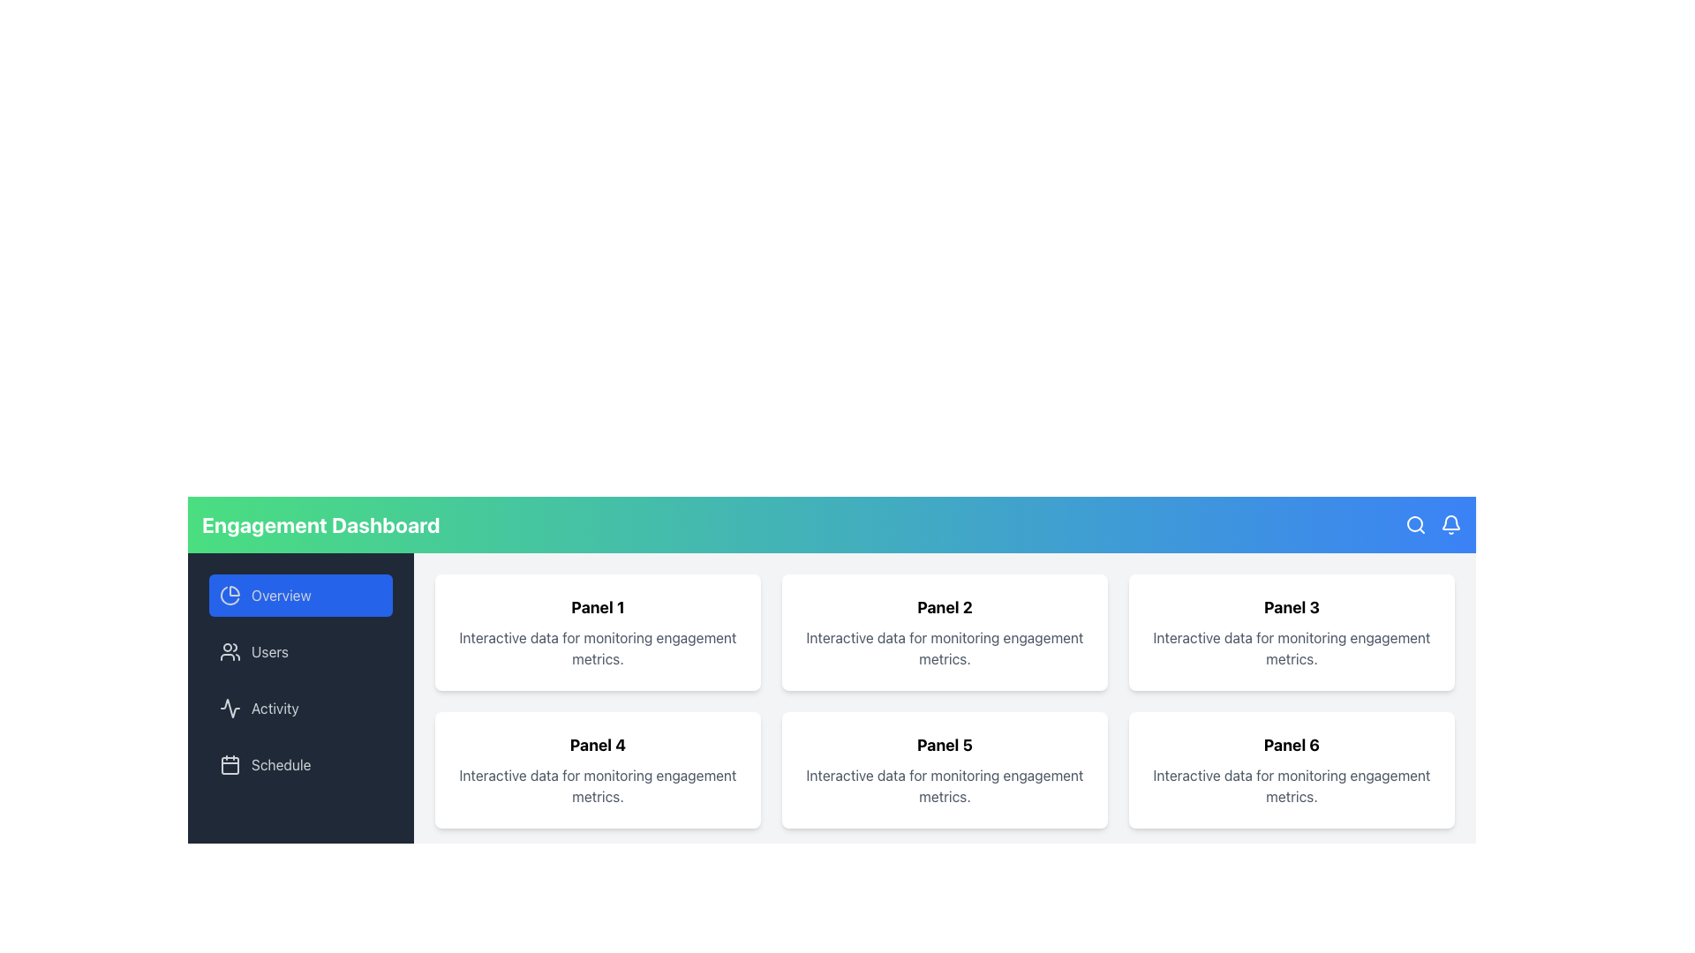  I want to click on the 'Overview' text label, which is styled with white text on a blue background, located in the vertical navigation menu on the left side of the interface, directly to the right of a pie chart icon, so click(280, 596).